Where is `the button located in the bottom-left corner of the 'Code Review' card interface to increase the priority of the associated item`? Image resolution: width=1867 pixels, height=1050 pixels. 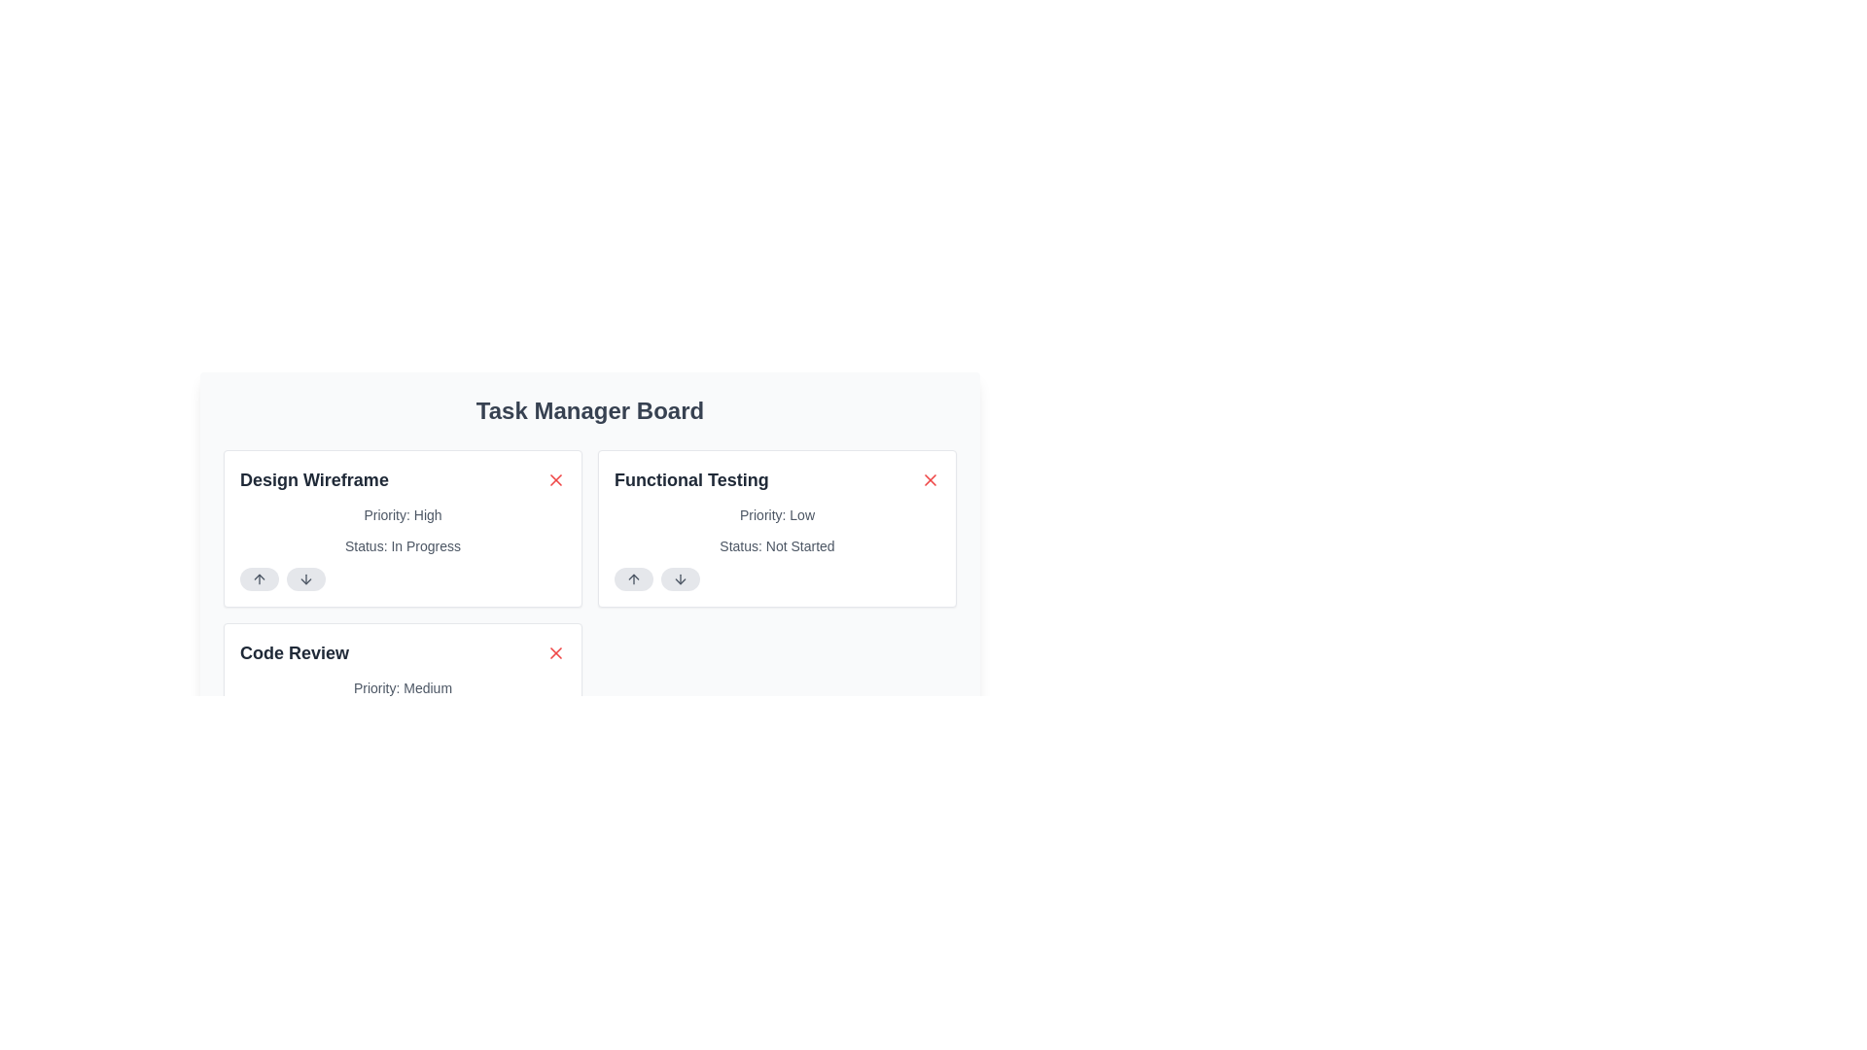 the button located in the bottom-left corner of the 'Code Review' card interface to increase the priority of the associated item is located at coordinates (259, 752).